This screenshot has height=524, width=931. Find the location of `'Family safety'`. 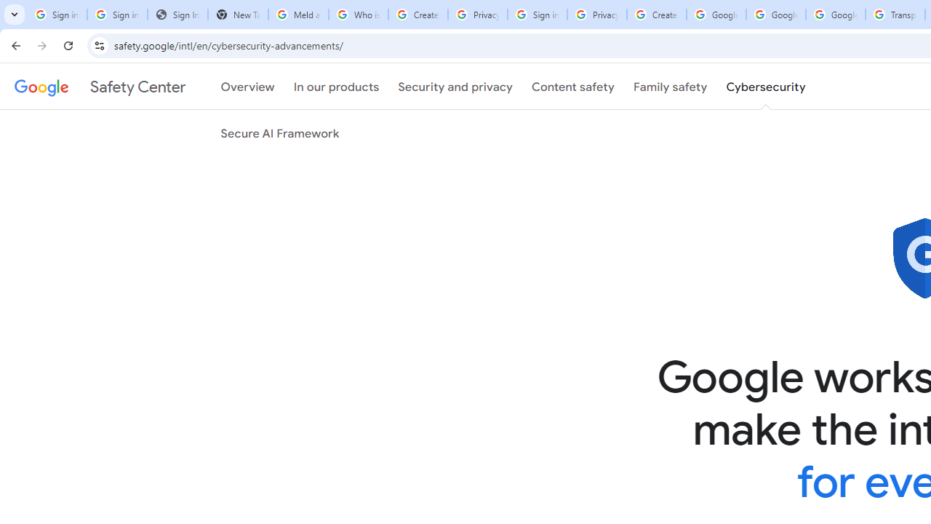

'Family safety' is located at coordinates (669, 87).